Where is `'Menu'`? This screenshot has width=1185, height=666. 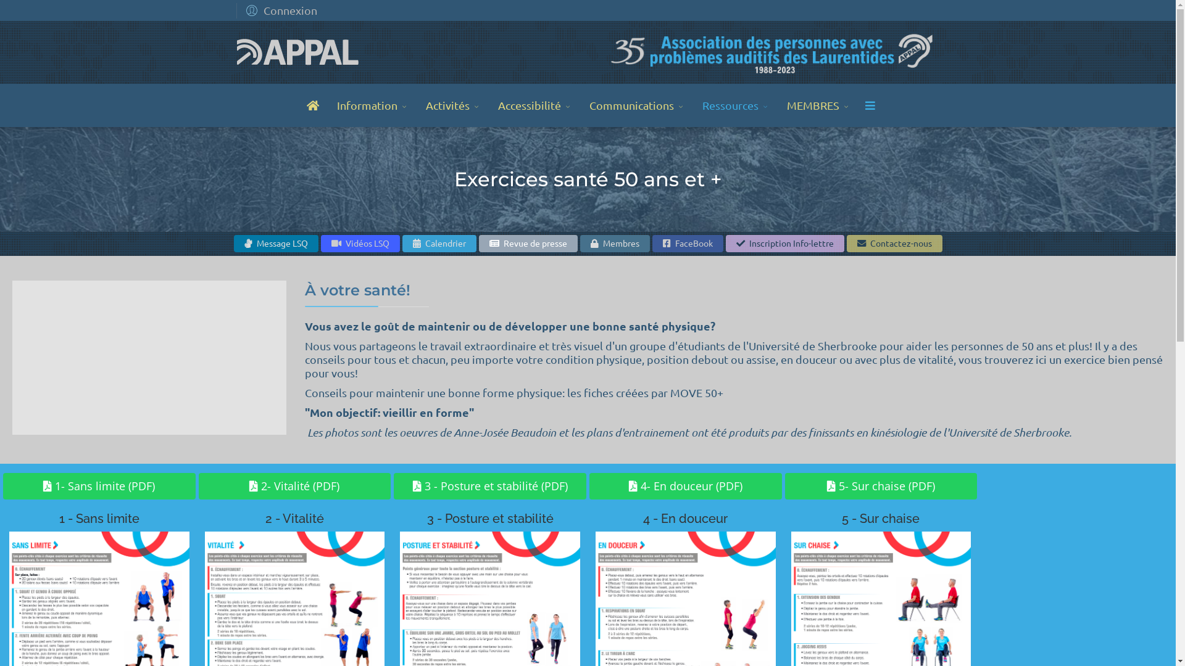 'Menu' is located at coordinates (859, 104).